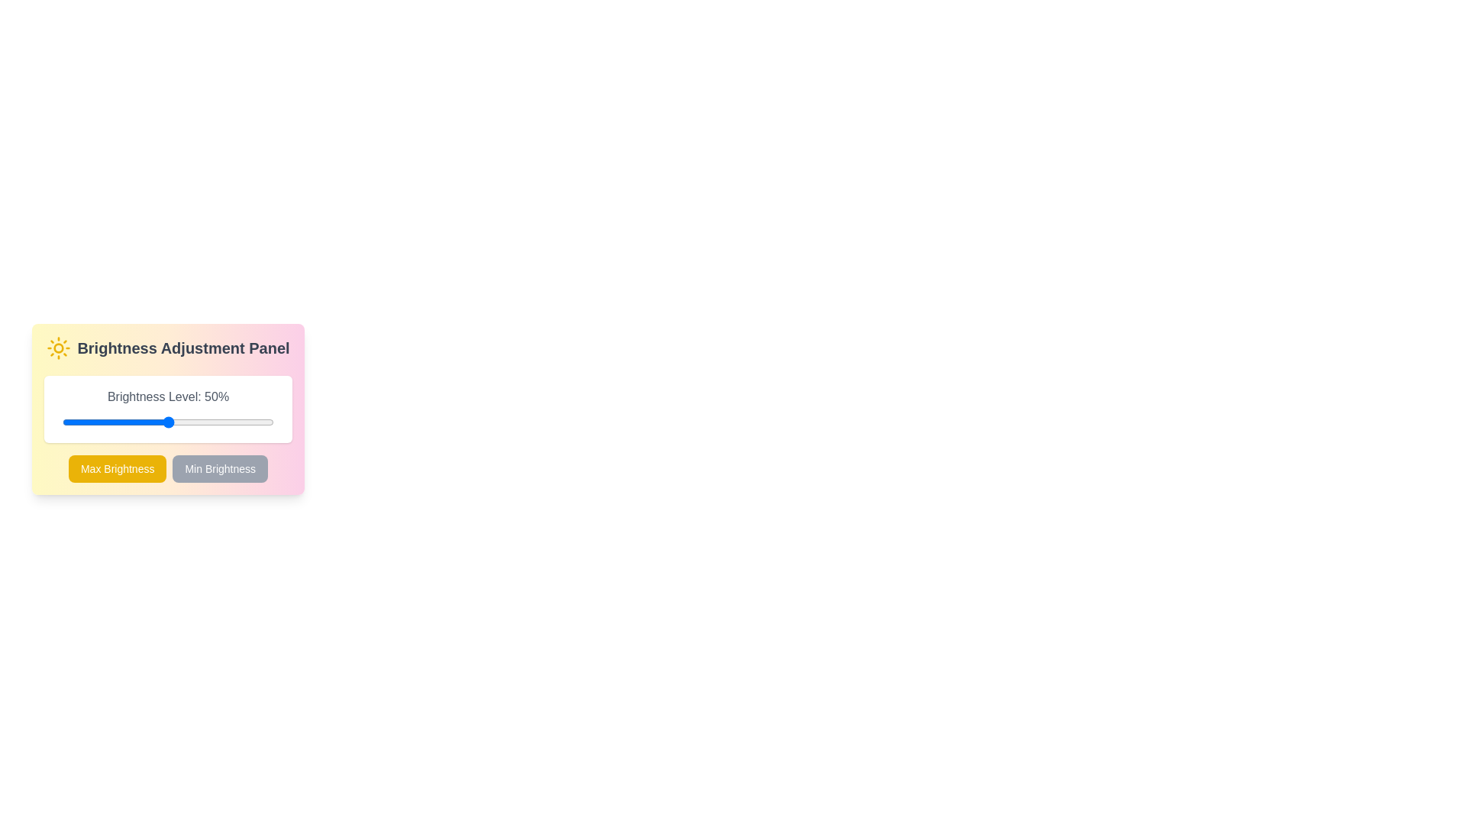 This screenshot has height=825, width=1466. What do you see at coordinates (151, 422) in the screenshot?
I see `the brightness by dragging the slider to 42%` at bounding box center [151, 422].